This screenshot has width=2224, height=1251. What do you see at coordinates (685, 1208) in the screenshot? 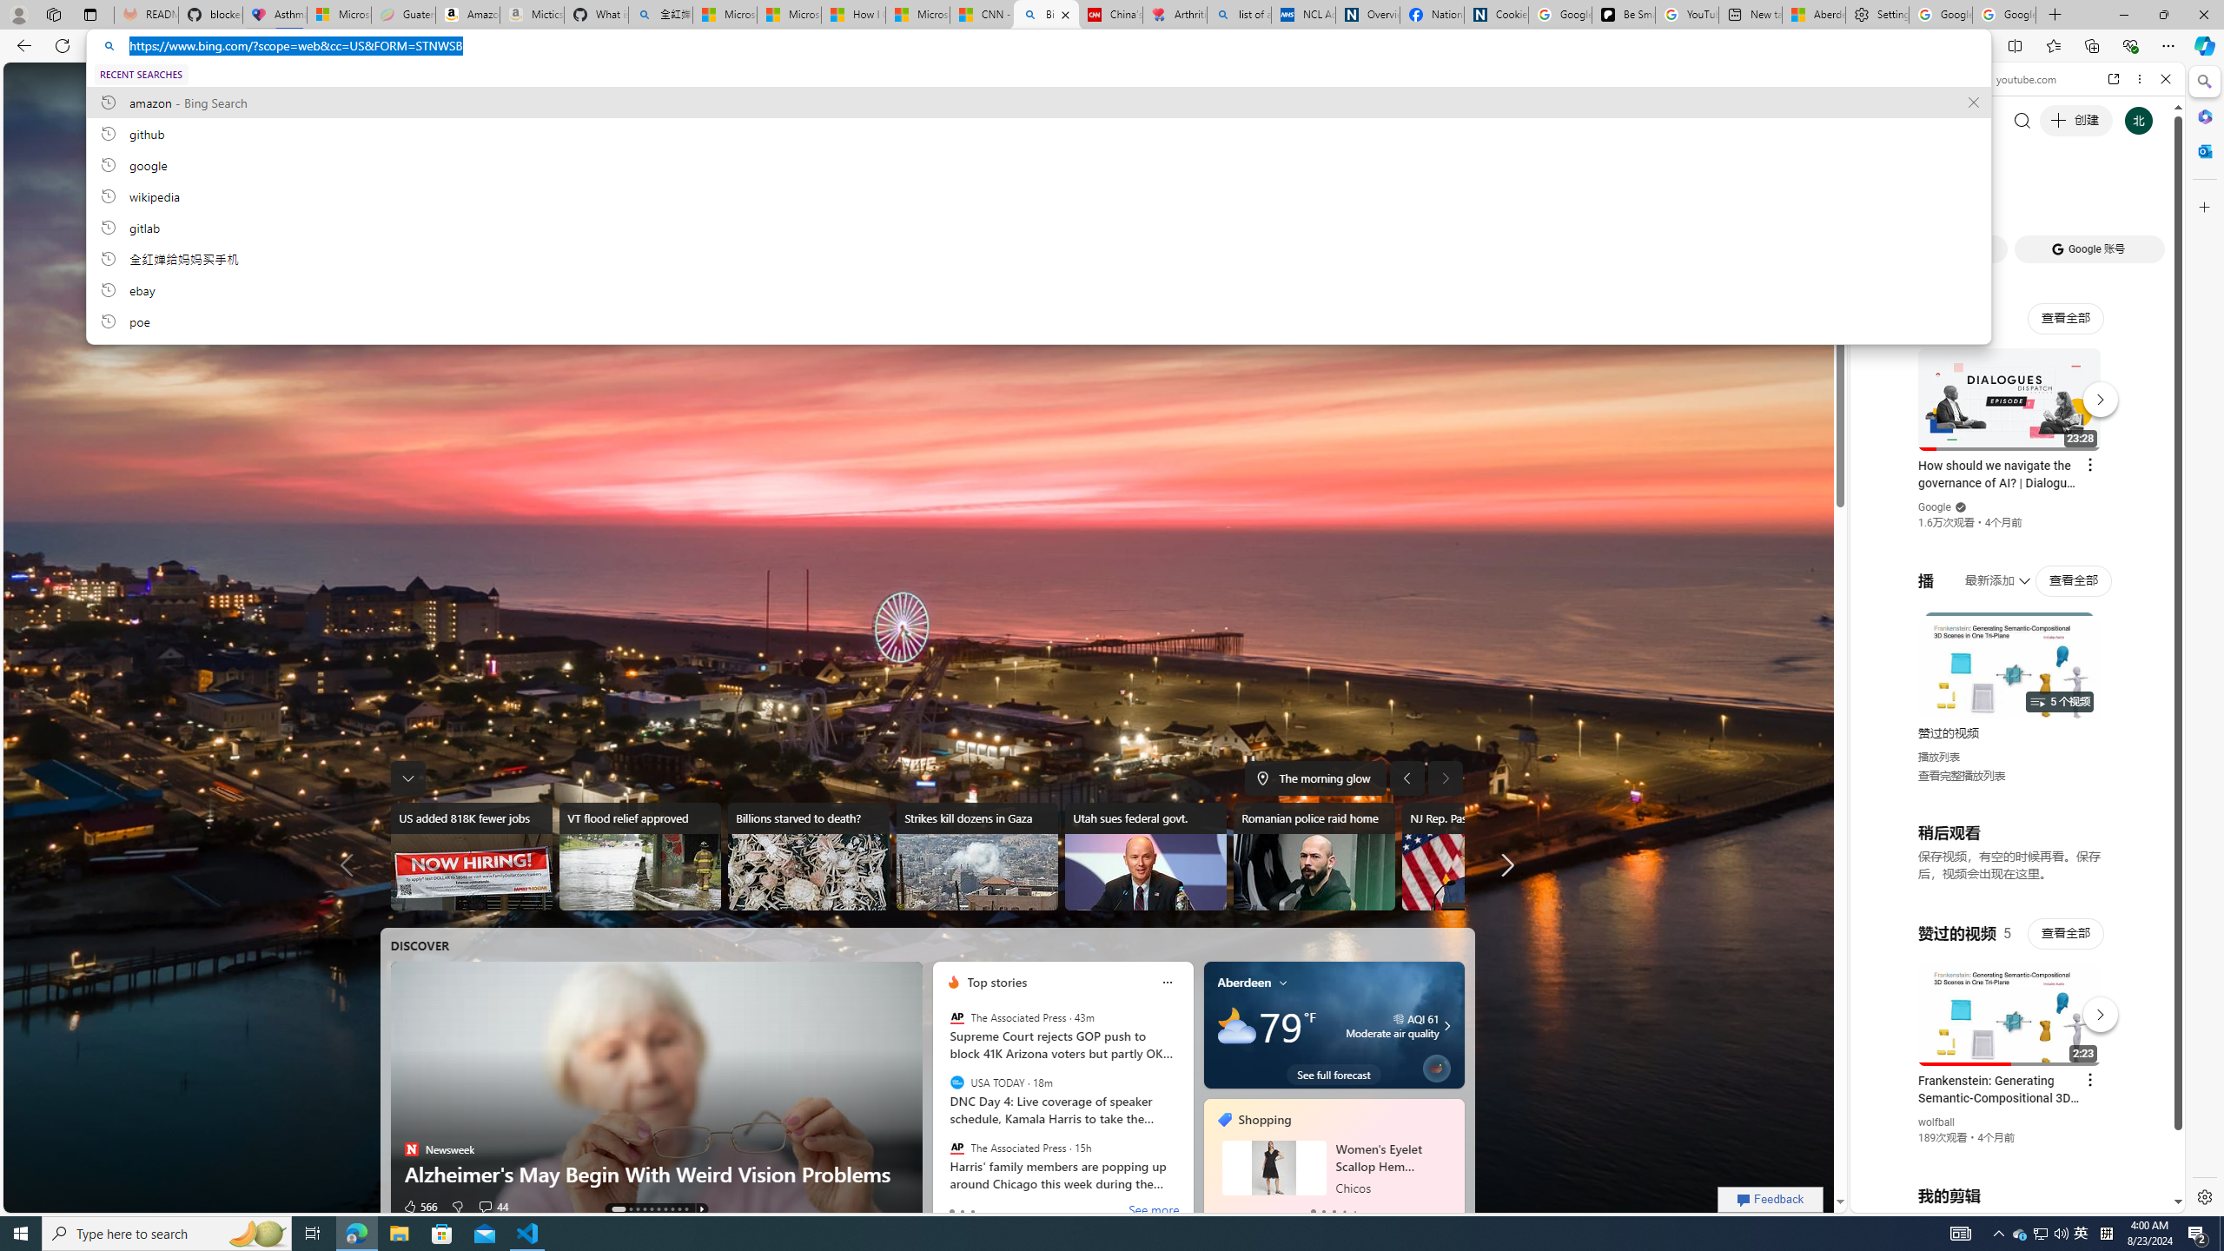
I see `'AutomationID: tab-9'` at bounding box center [685, 1208].